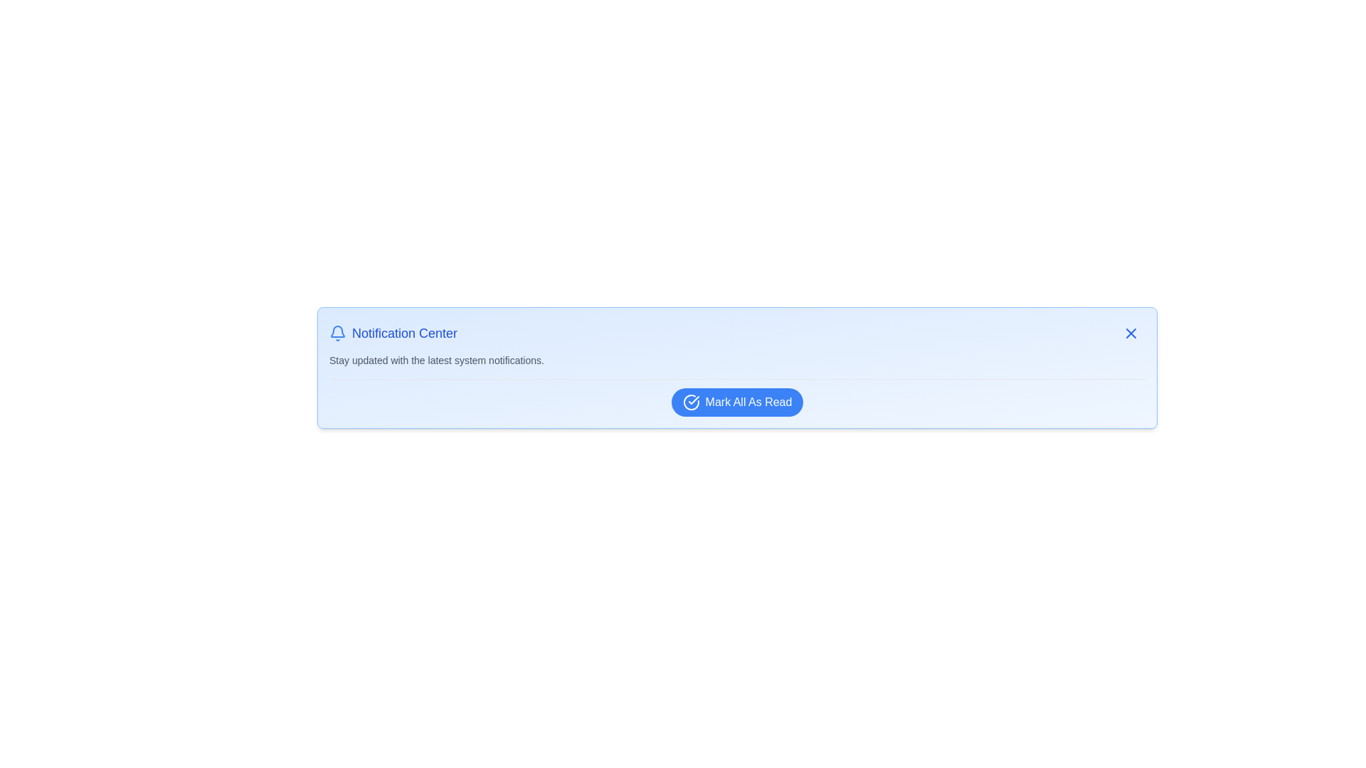 This screenshot has width=1366, height=768. Describe the element at coordinates (737, 402) in the screenshot. I see `the 'Mark All As Read' button in the Notification Center to mark notifications as read` at that location.